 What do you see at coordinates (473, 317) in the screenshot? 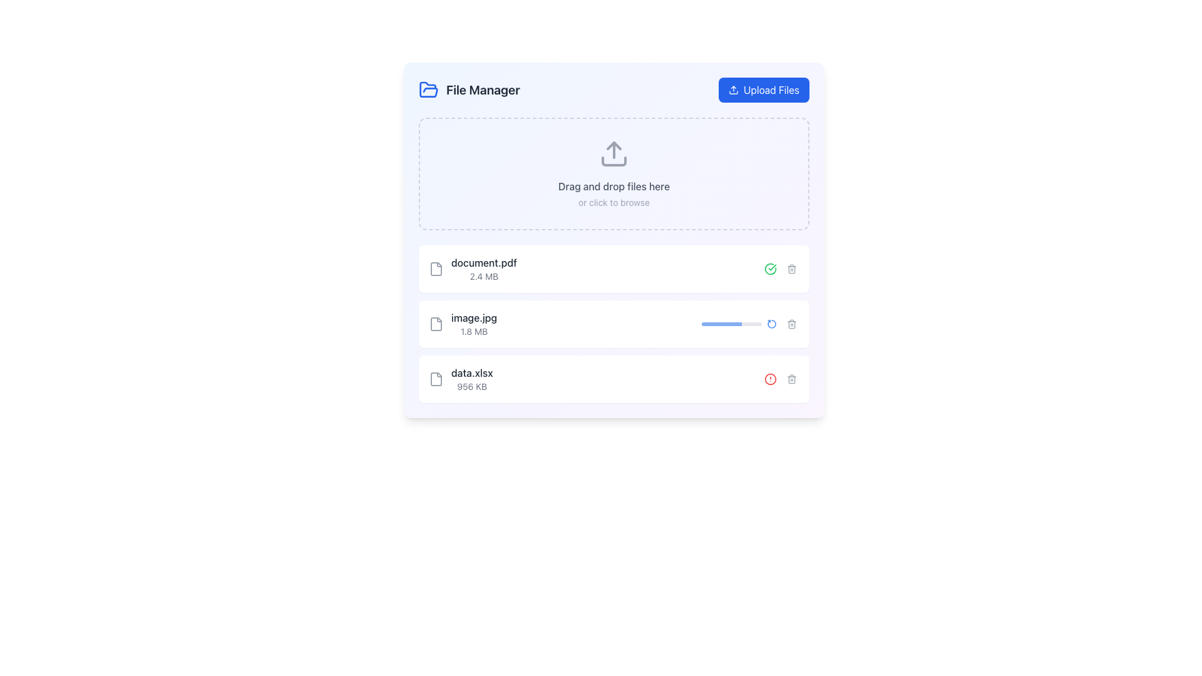
I see `the text label that denotes the file name in the left section of the second row of the file list, positioned above the file size information` at bounding box center [473, 317].